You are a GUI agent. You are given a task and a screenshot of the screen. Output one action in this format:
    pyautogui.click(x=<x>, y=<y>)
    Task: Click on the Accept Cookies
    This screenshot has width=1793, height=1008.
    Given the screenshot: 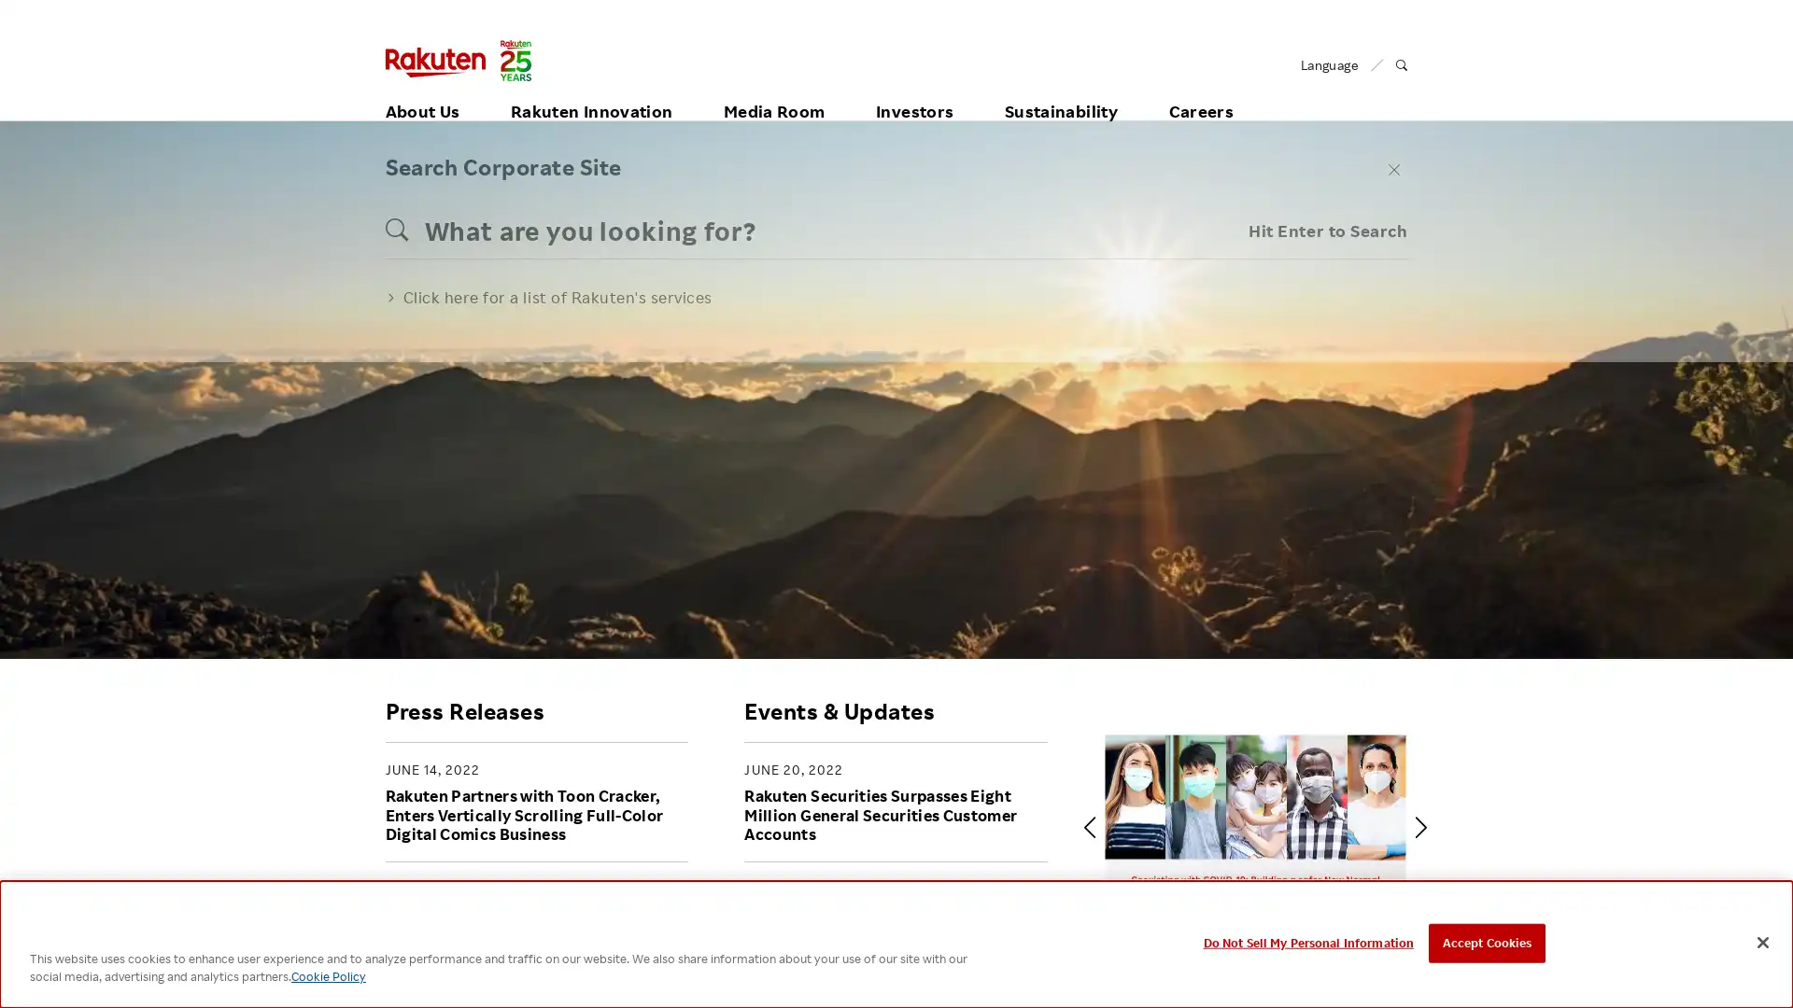 What is the action you would take?
    pyautogui.click(x=1486, y=943)
    